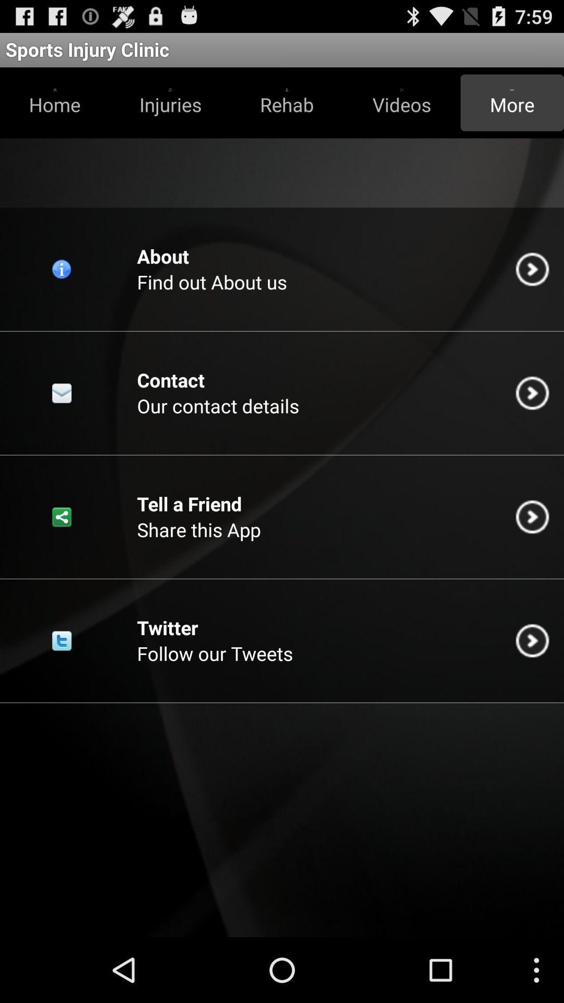 This screenshot has height=1003, width=564. Describe the element at coordinates (532, 517) in the screenshot. I see `icon to the right of share this app item` at that location.